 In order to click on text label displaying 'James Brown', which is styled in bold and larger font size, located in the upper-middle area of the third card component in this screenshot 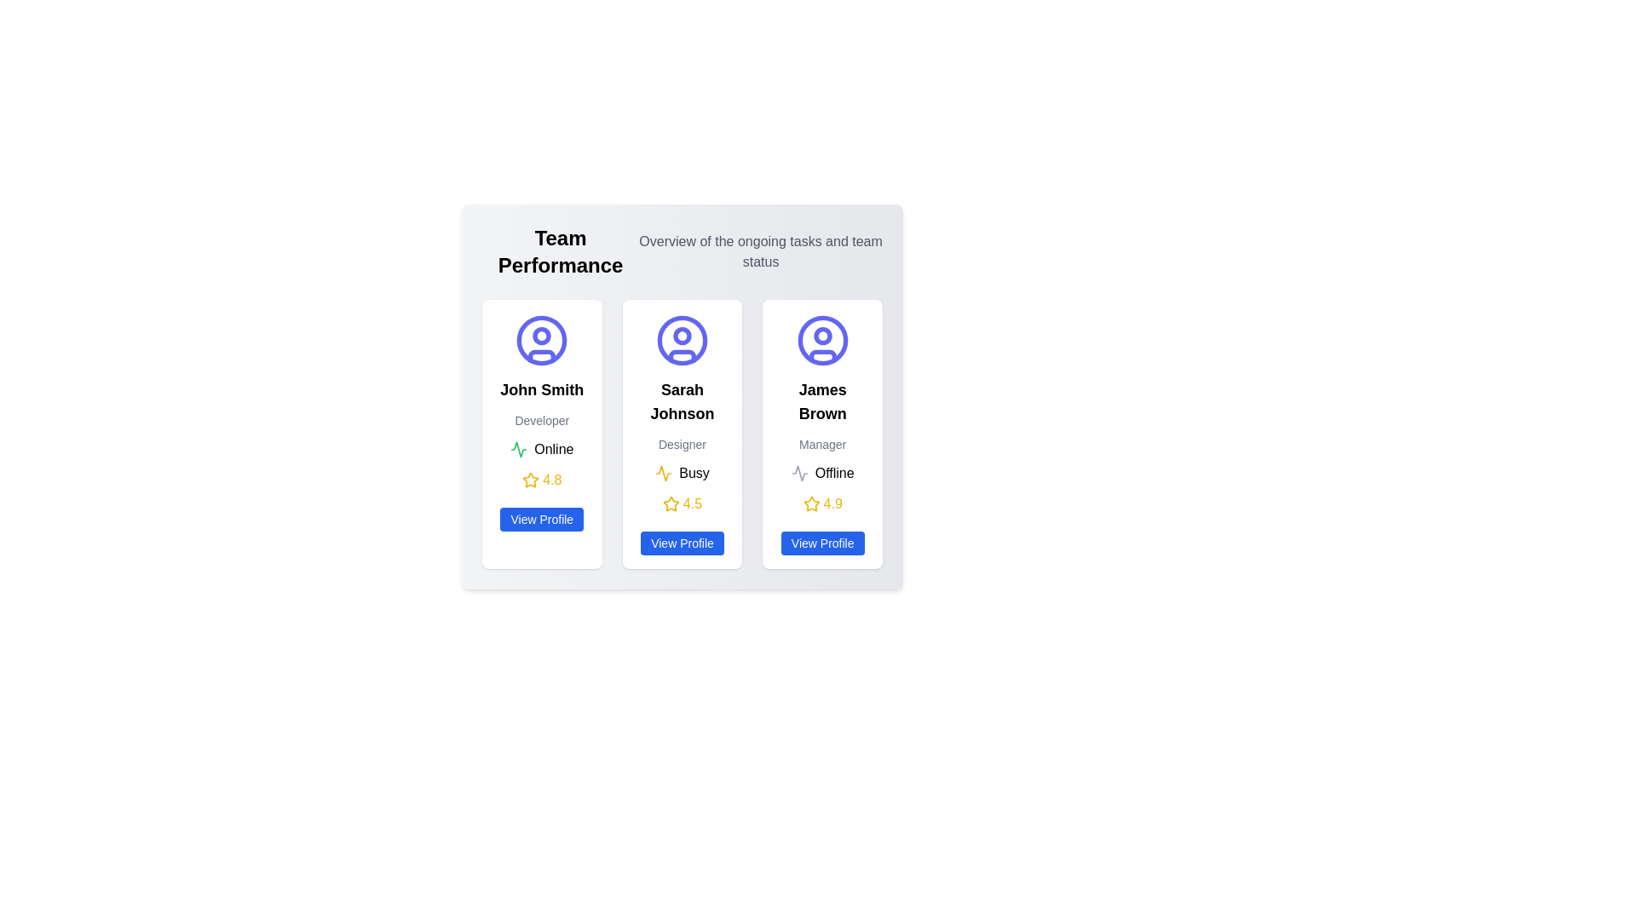, I will do `click(822, 401)`.